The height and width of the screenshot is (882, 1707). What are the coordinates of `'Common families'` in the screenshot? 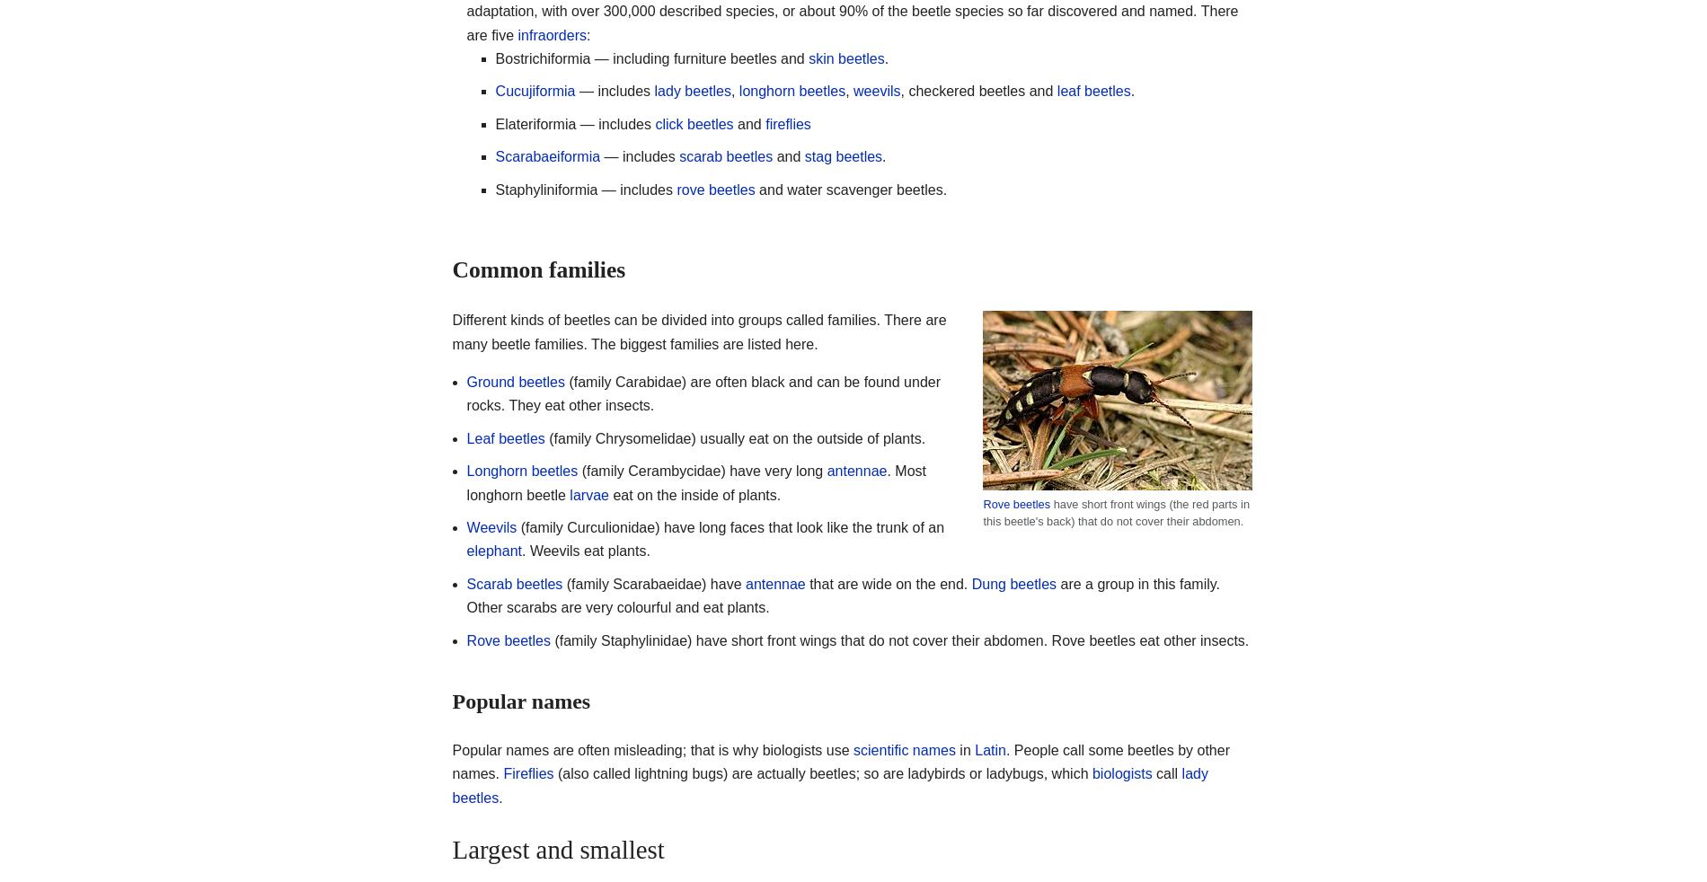 It's located at (538, 269).